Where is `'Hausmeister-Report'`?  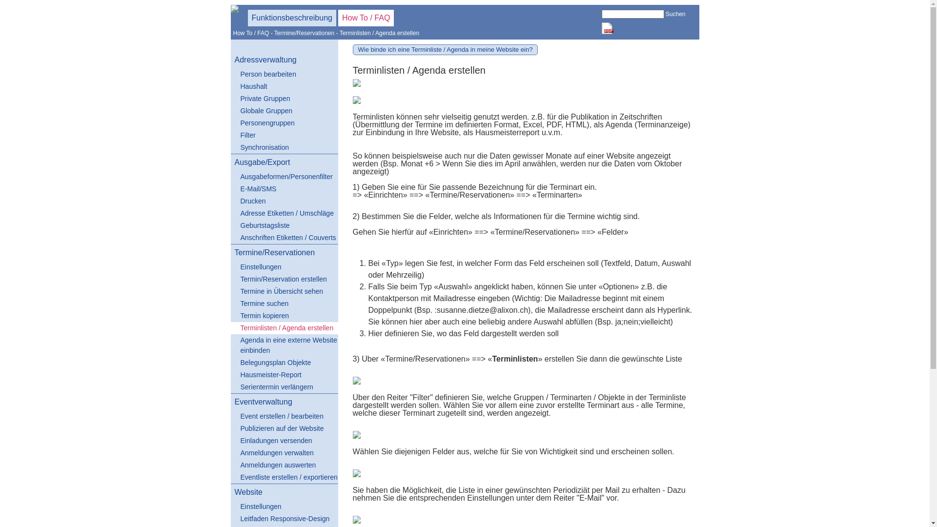 'Hausmeister-Report' is located at coordinates (283, 374).